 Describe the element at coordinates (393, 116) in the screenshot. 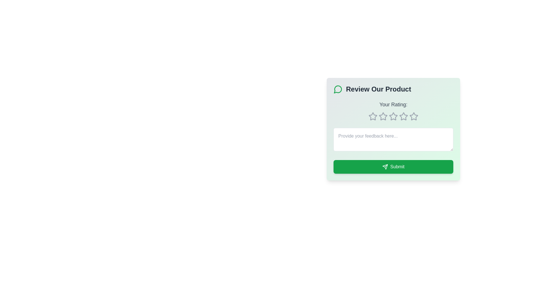

I see `the fourth star` at that location.